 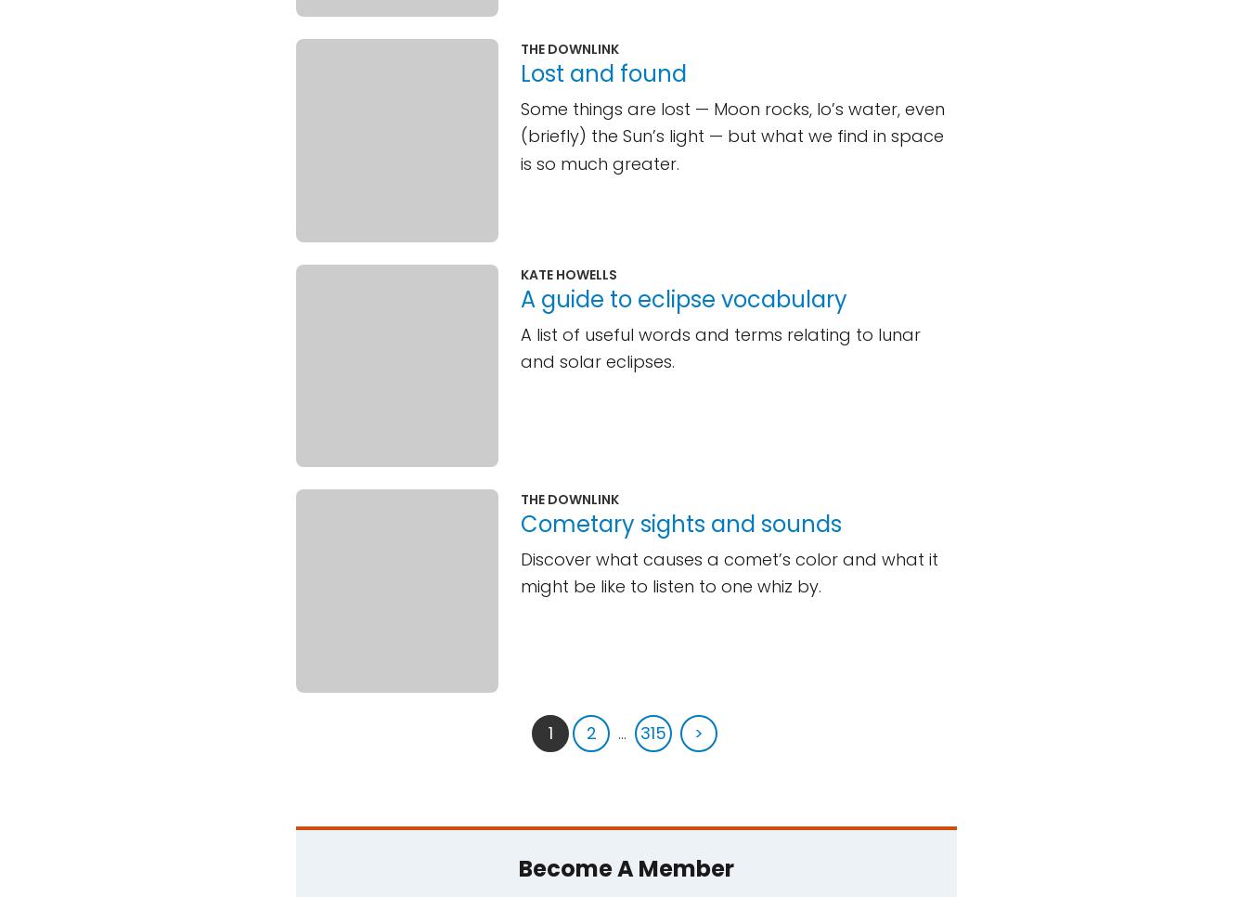 What do you see at coordinates (569, 273) in the screenshot?
I see `'Kate Howells'` at bounding box center [569, 273].